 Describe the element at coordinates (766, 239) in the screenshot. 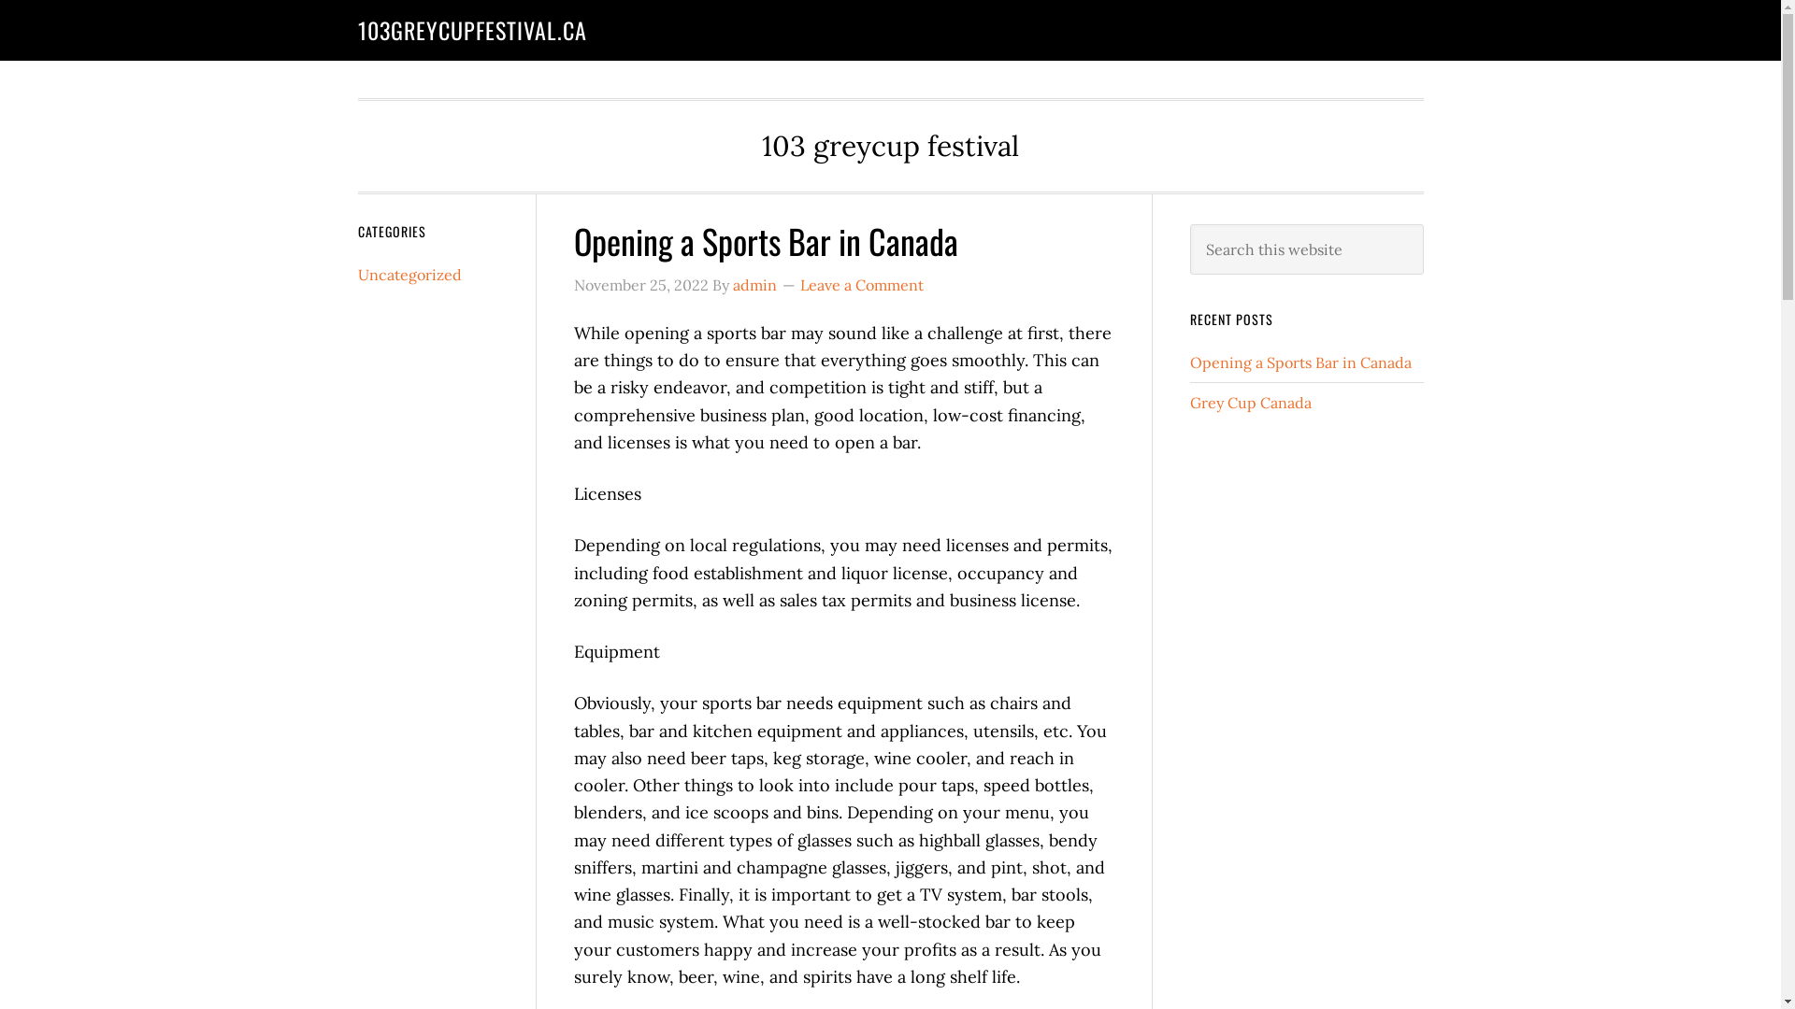

I see `'Opening a Sports Bar in Canada'` at that location.